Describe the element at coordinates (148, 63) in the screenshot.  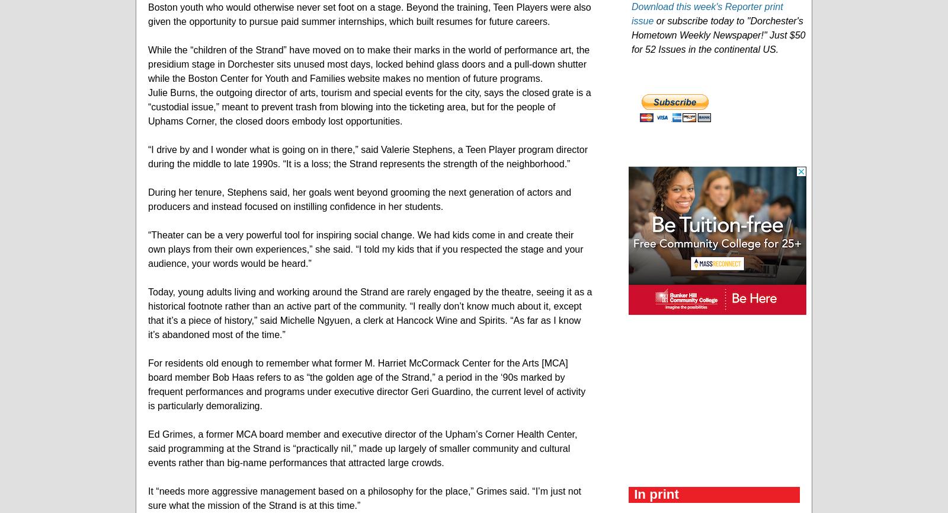
I see `'While the “children of the Strand” have moved on to make their marks in the world of performance art, the presidium stage in Dorchester sits unused most days, locked behind glass doors and a pull-down shutter while the Boston Center for Youth and Families website makes no mention of future programs.'` at that location.